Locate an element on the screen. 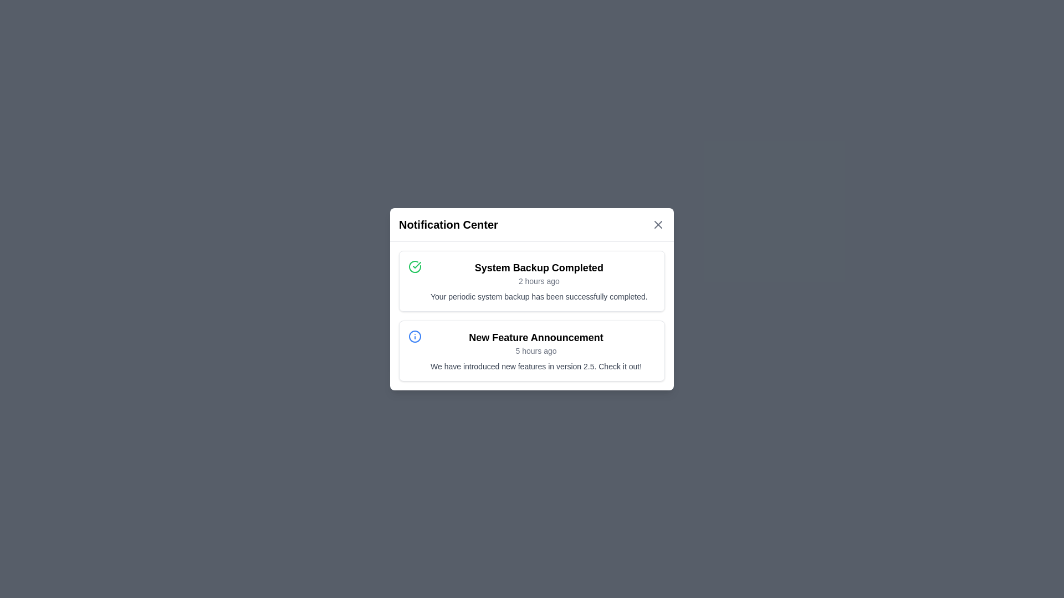 The image size is (1064, 598). the circular information icon with a light blue outline located at the top-left corner of the 'New Feature Announcement' notification card by moving the cursor to its center is located at coordinates (414, 336).